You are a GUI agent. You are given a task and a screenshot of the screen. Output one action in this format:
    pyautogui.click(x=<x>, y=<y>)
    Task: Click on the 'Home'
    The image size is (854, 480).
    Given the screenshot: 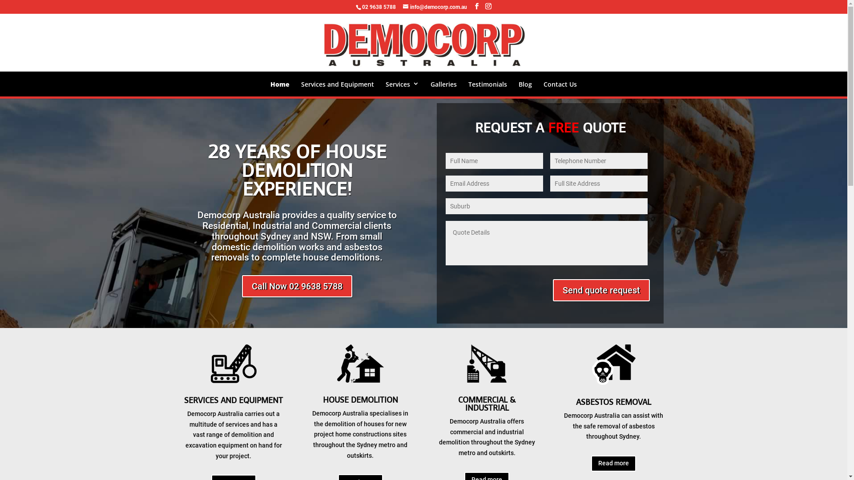 What is the action you would take?
    pyautogui.click(x=279, y=84)
    